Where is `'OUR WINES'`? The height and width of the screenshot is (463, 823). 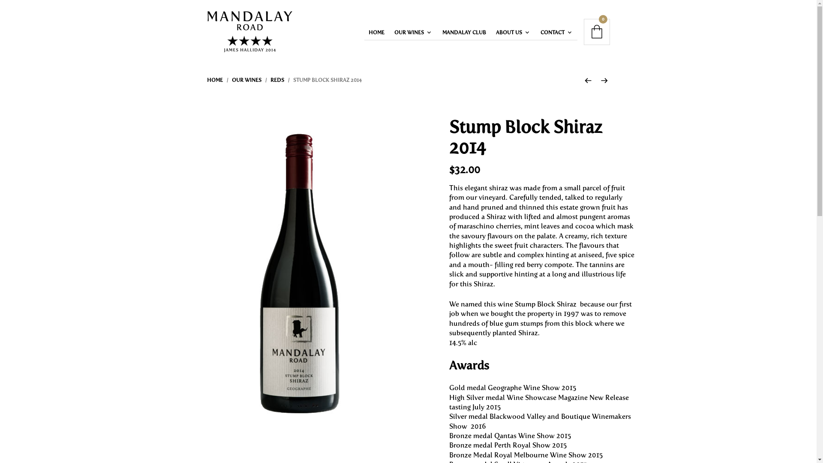
'OUR WINES' is located at coordinates (246, 80).